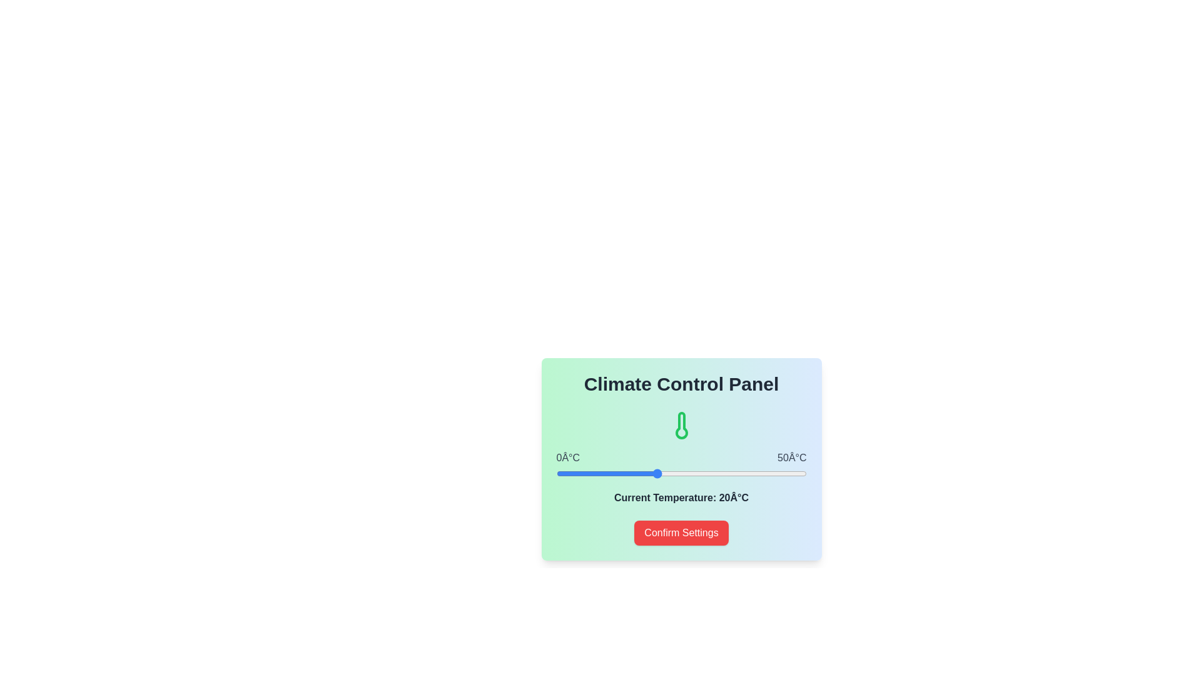 The height and width of the screenshot is (675, 1201). I want to click on 'Confirm Settings' button to save the current temperature, so click(681, 532).